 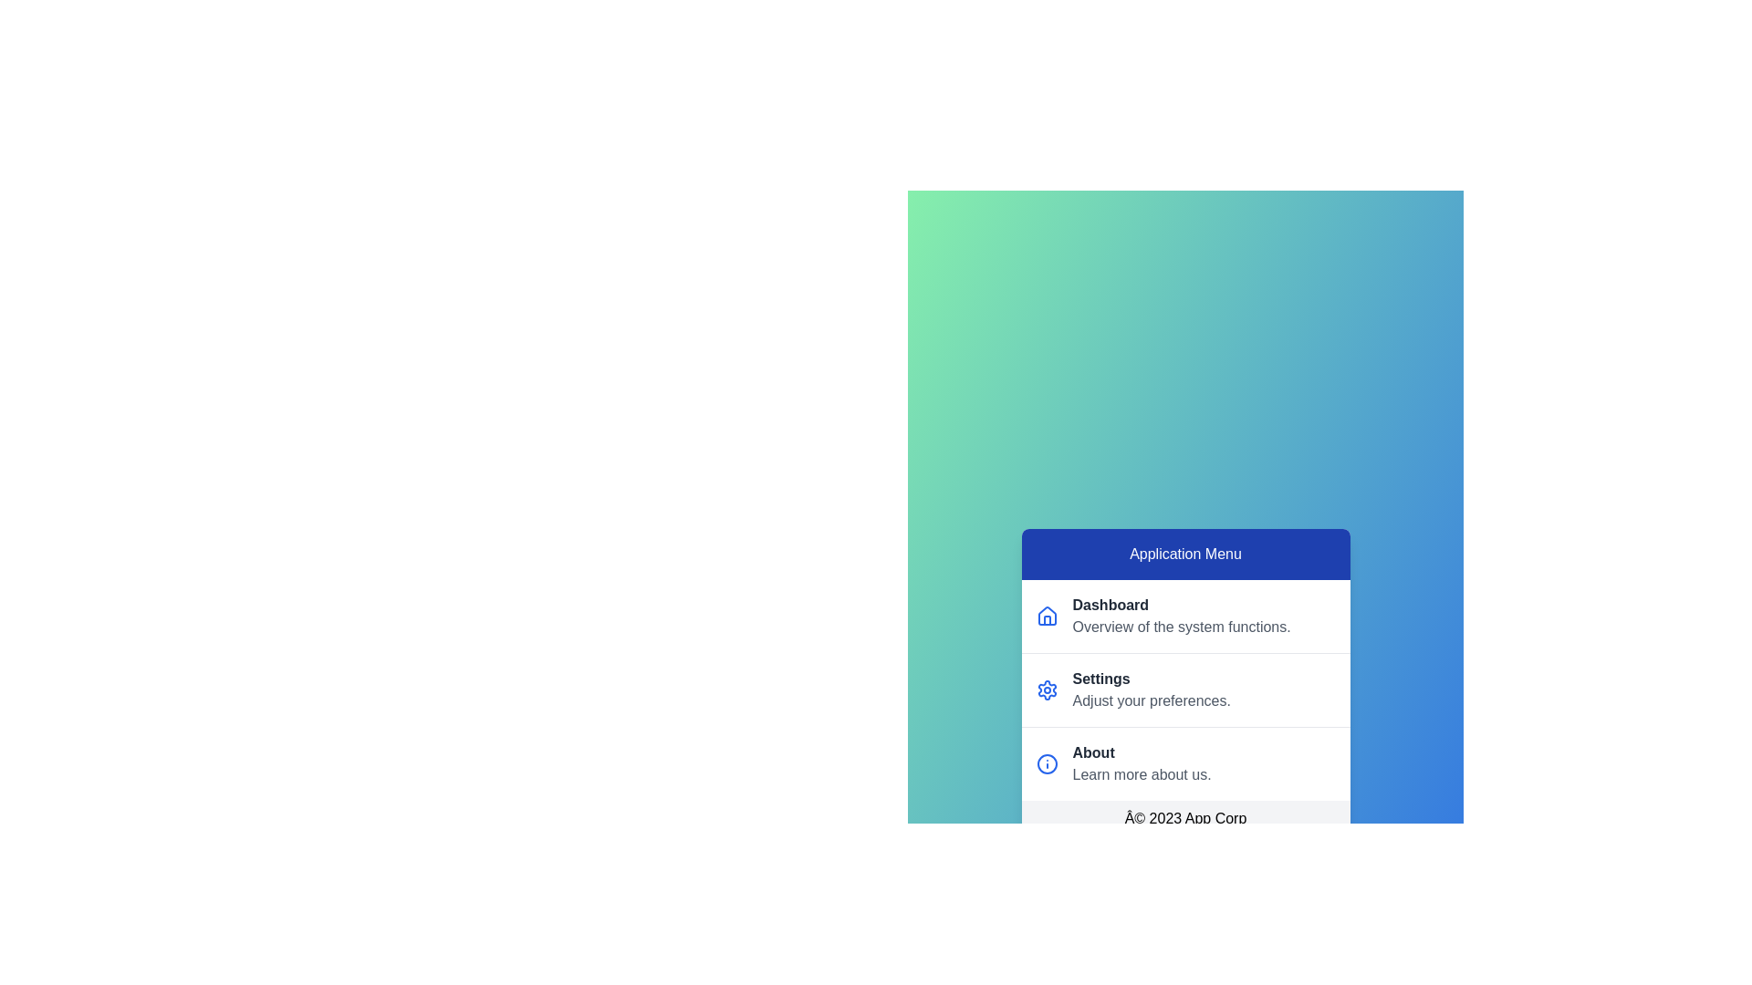 I want to click on the footer area and read the text '© 2023 App Corp', so click(x=1185, y=818).